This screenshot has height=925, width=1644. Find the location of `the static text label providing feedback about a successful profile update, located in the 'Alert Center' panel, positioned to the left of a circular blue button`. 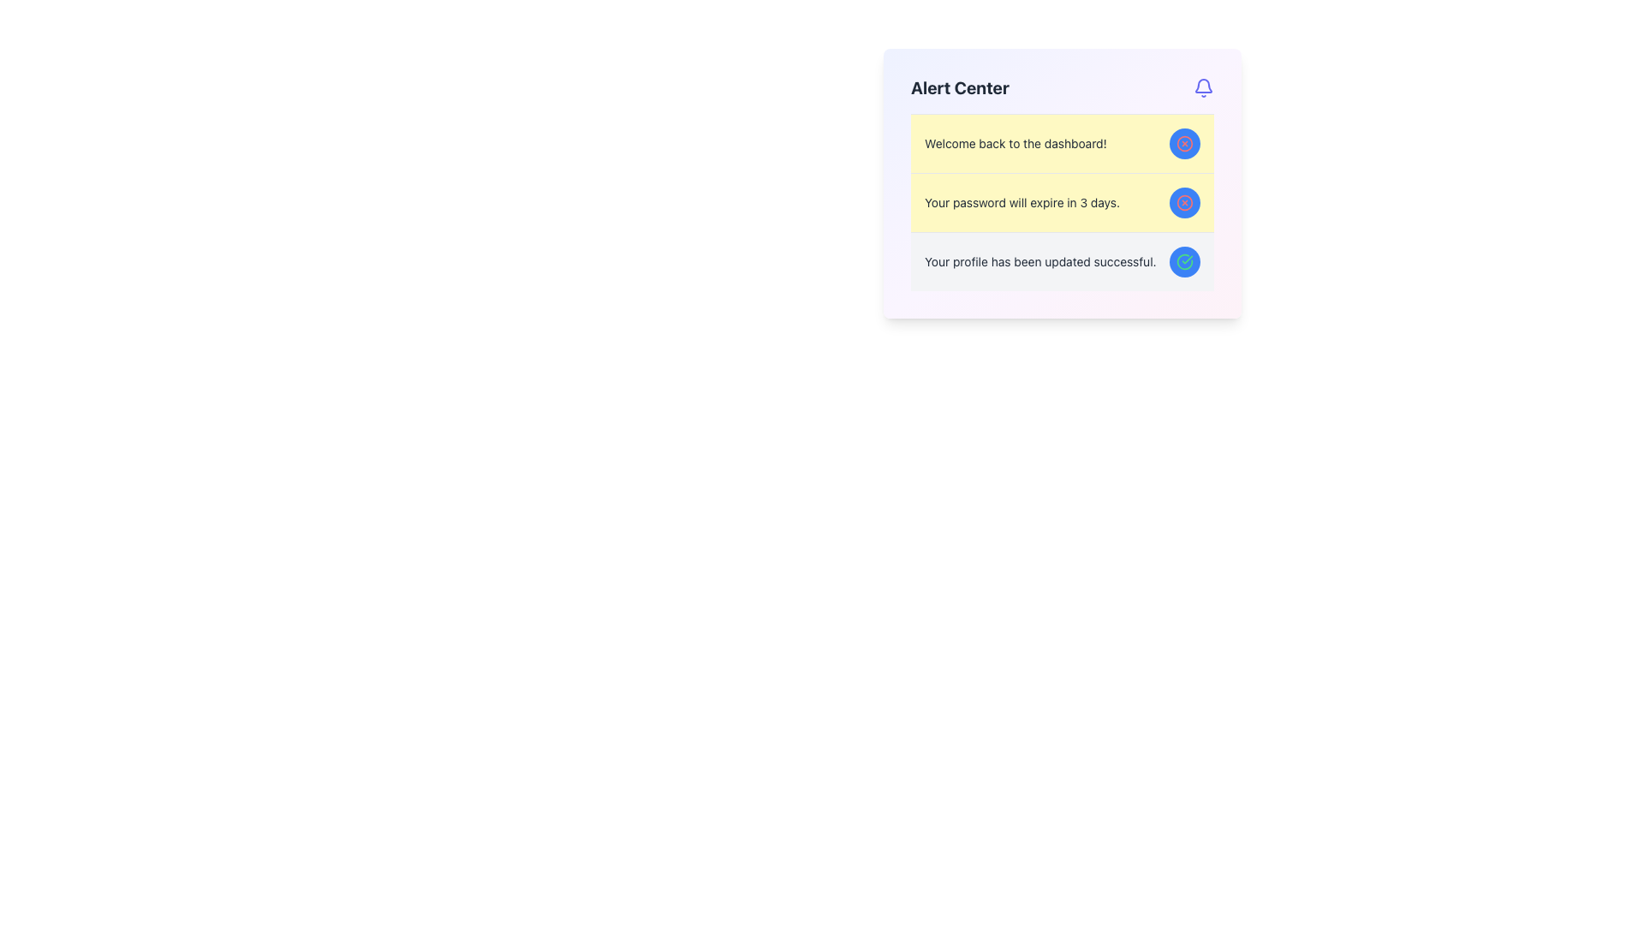

the static text label providing feedback about a successful profile update, located in the 'Alert Center' panel, positioned to the left of a circular blue button is located at coordinates (1039, 261).